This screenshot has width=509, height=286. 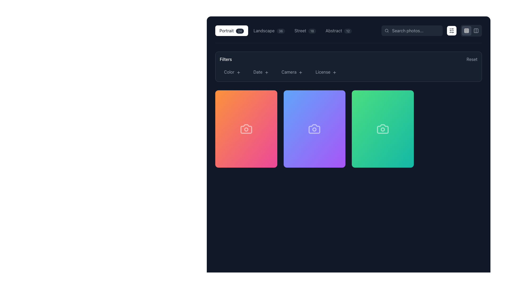 What do you see at coordinates (472, 59) in the screenshot?
I see `the 'Reset' button labeled with gray font that changes to white on hover, located on the far right of its containing section` at bounding box center [472, 59].